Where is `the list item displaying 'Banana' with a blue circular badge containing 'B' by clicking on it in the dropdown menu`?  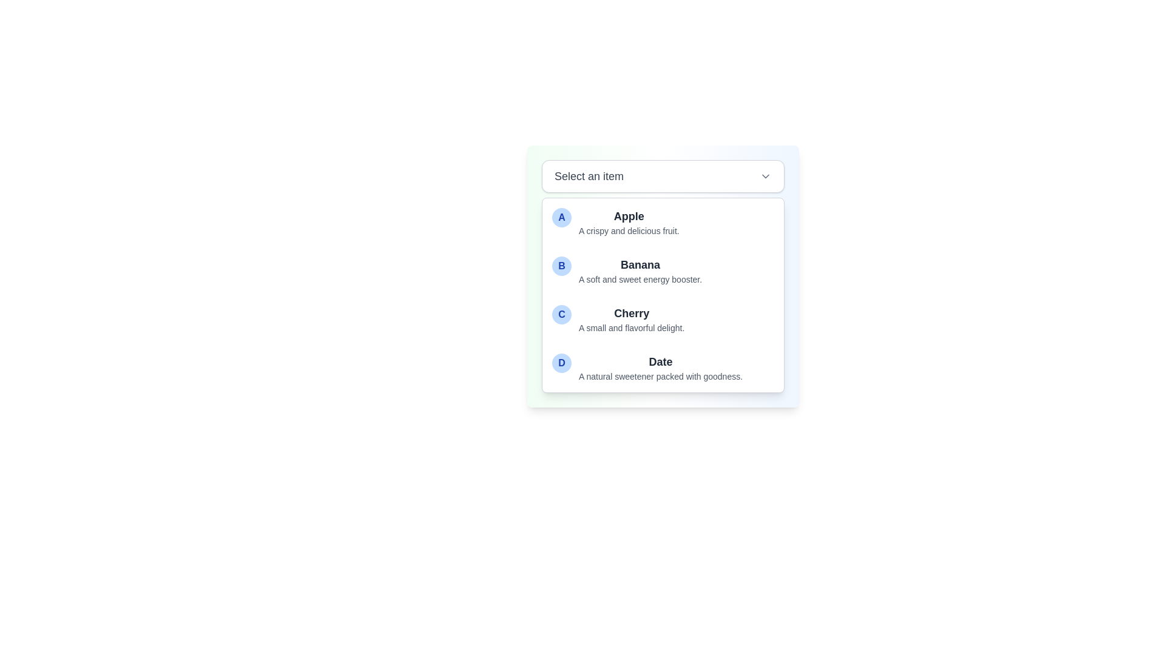
the list item displaying 'Banana' with a blue circular badge containing 'B' by clicking on it in the dropdown menu is located at coordinates (663, 270).